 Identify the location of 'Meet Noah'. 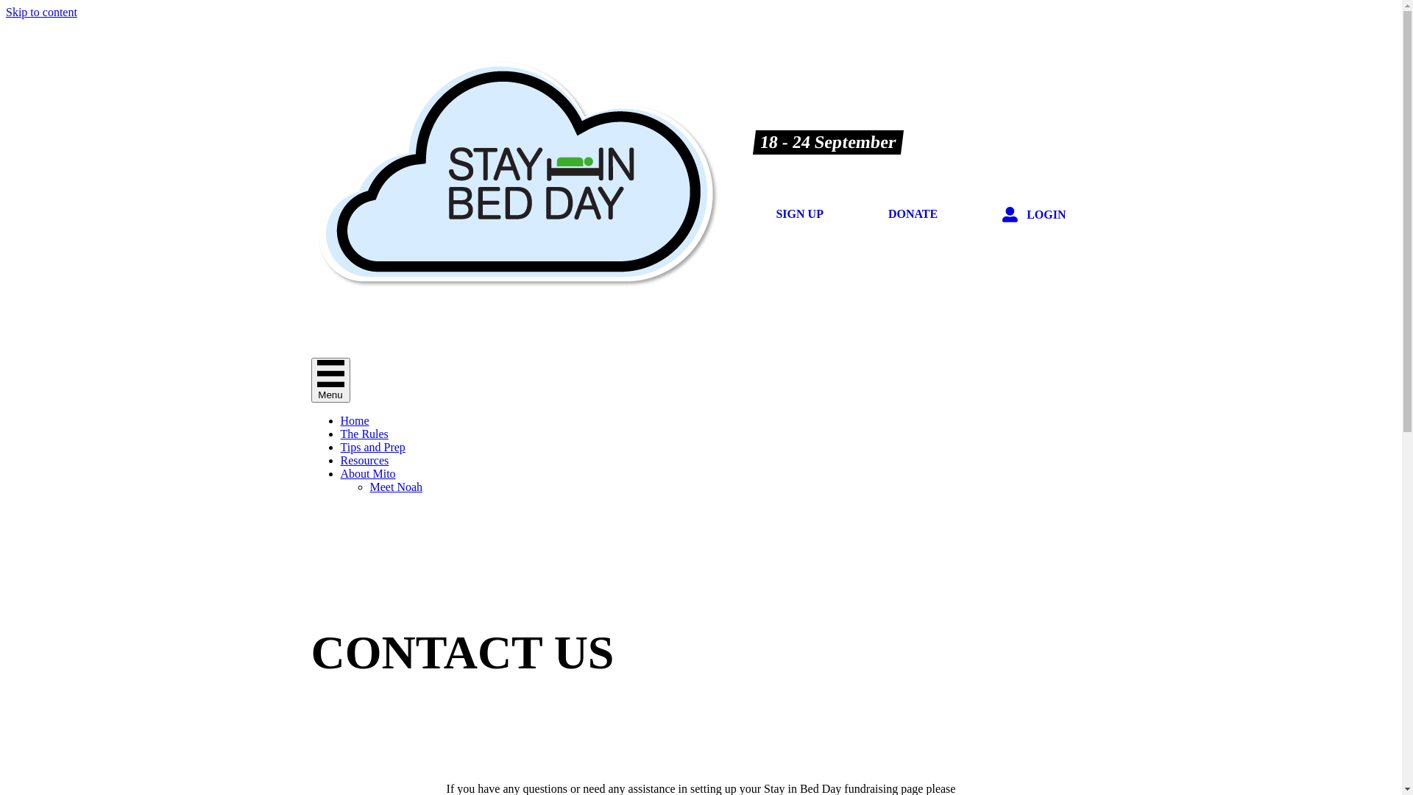
(395, 487).